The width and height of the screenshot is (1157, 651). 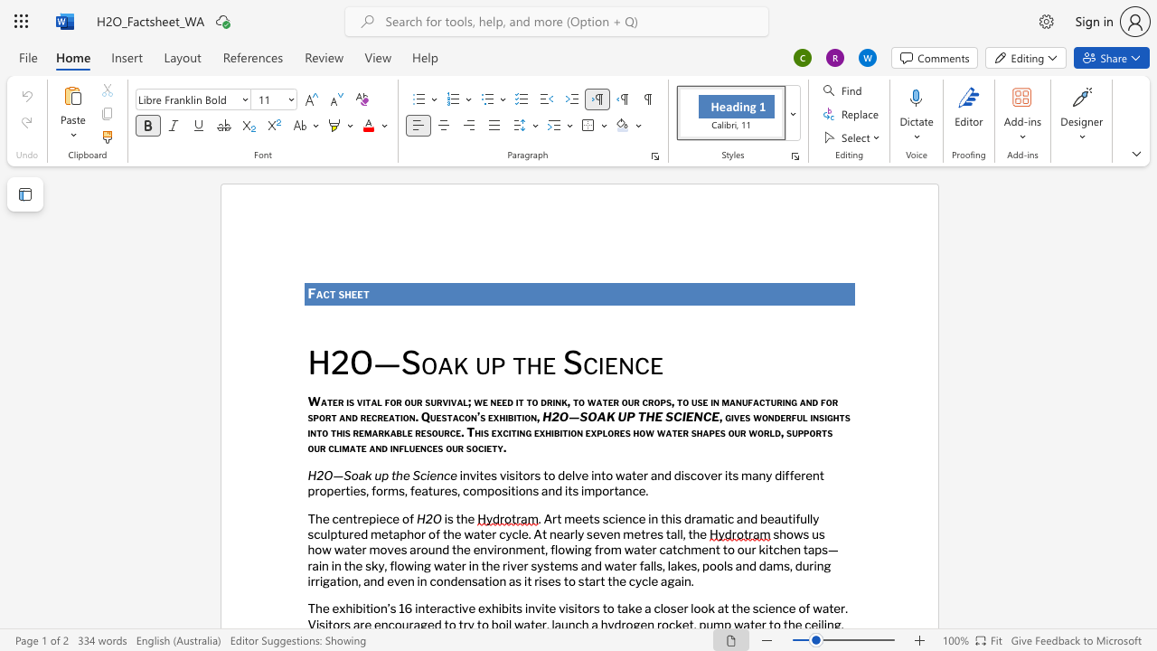 I want to click on the 1th character "p" in the text, so click(x=498, y=363).